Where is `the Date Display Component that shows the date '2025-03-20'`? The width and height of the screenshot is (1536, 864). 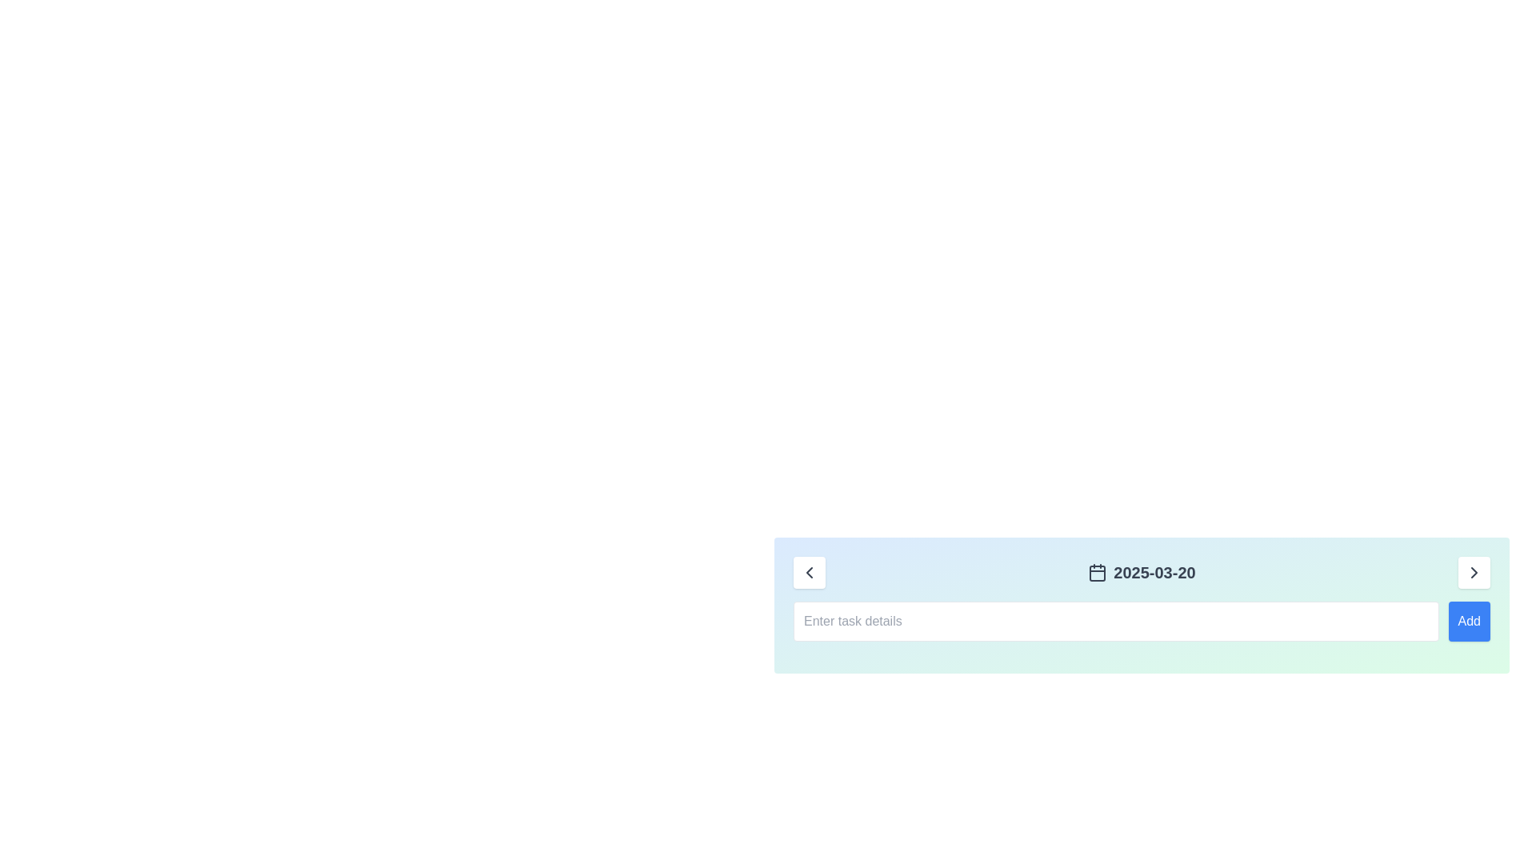
the Date Display Component that shows the date '2025-03-20' is located at coordinates (1141, 572).